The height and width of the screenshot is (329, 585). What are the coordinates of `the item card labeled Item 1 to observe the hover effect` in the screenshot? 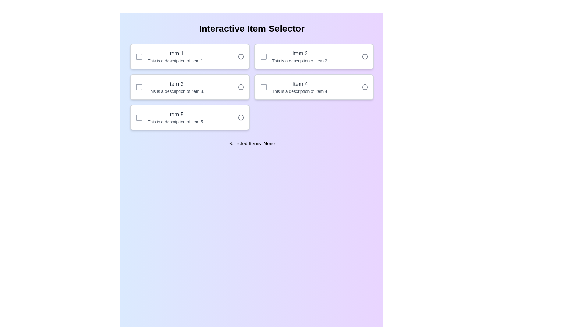 It's located at (189, 56).